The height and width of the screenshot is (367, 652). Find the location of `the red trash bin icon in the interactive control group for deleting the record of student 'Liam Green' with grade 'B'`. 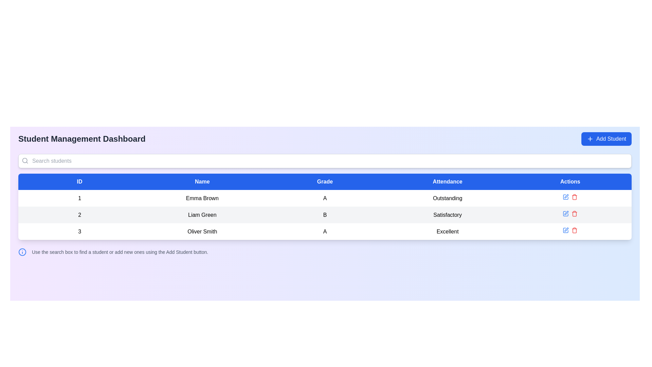

the red trash bin icon in the interactive control group for deleting the record of student 'Liam Green' with grade 'B' is located at coordinates (570, 215).